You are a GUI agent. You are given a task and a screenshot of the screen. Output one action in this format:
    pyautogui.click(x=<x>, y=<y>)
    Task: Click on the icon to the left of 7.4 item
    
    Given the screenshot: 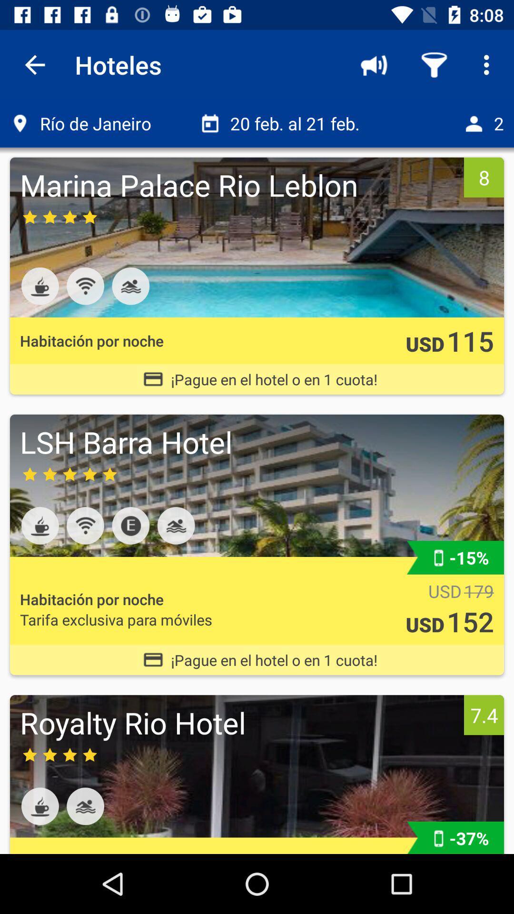 What is the action you would take?
    pyautogui.click(x=239, y=722)
    